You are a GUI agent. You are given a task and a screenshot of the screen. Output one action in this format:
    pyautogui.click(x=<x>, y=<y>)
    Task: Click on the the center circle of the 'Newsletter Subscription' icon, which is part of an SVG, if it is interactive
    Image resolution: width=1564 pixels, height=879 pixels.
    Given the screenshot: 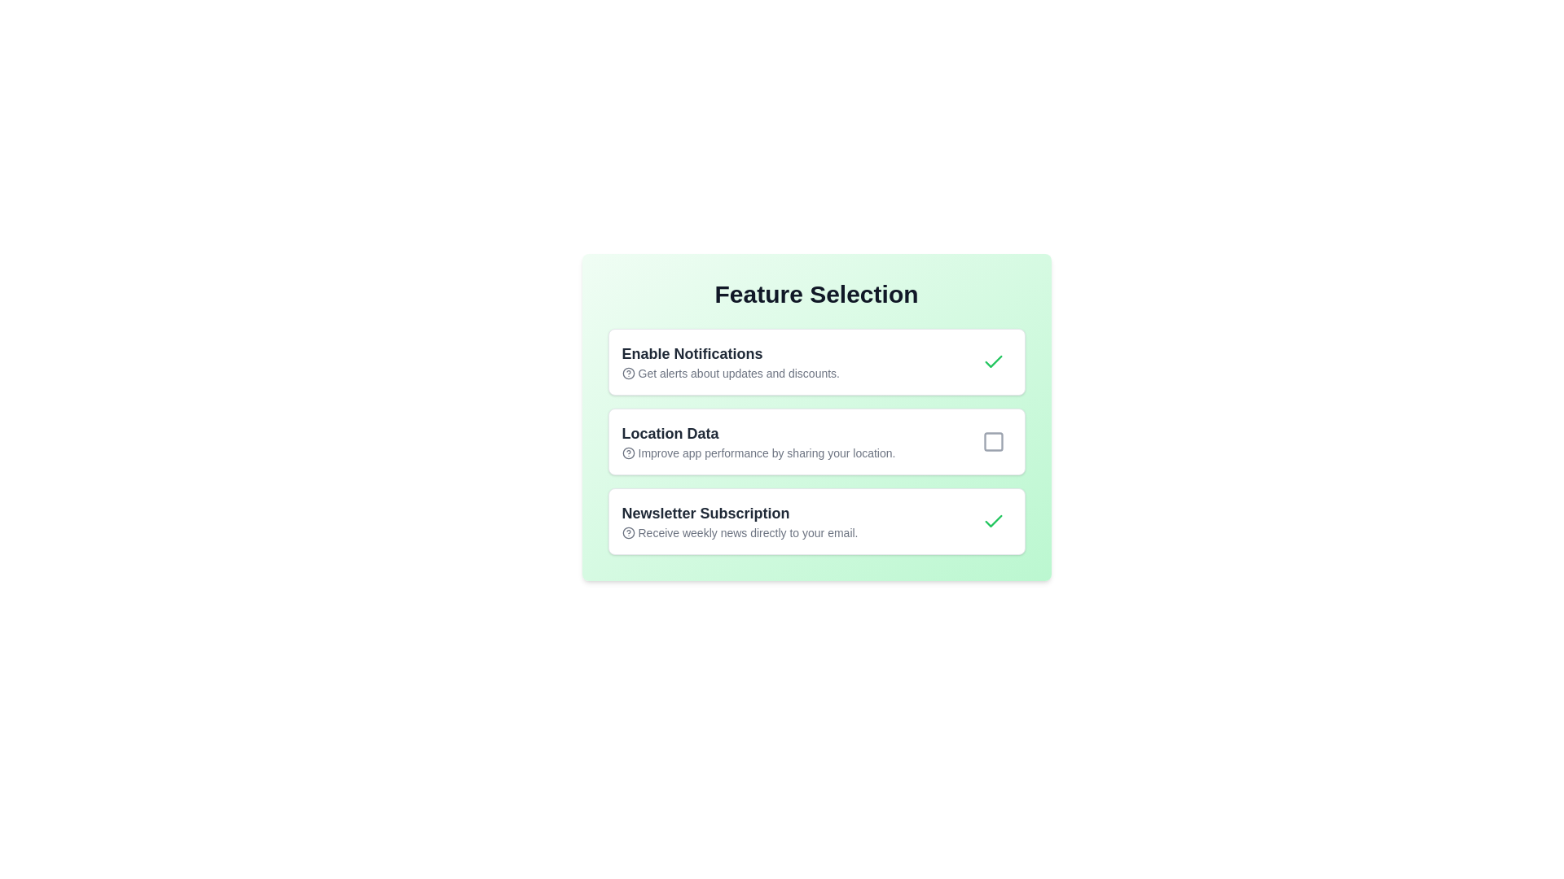 What is the action you would take?
    pyautogui.click(x=627, y=533)
    